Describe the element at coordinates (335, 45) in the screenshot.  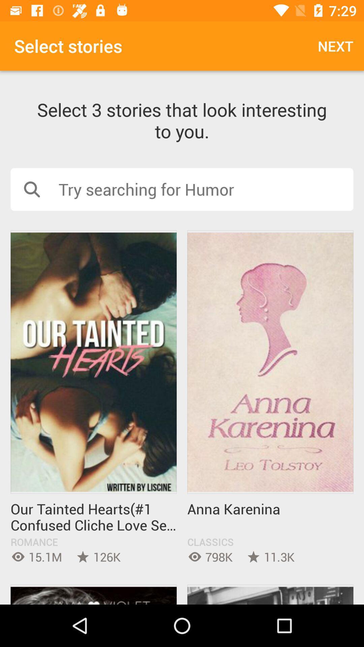
I see `next icon` at that location.